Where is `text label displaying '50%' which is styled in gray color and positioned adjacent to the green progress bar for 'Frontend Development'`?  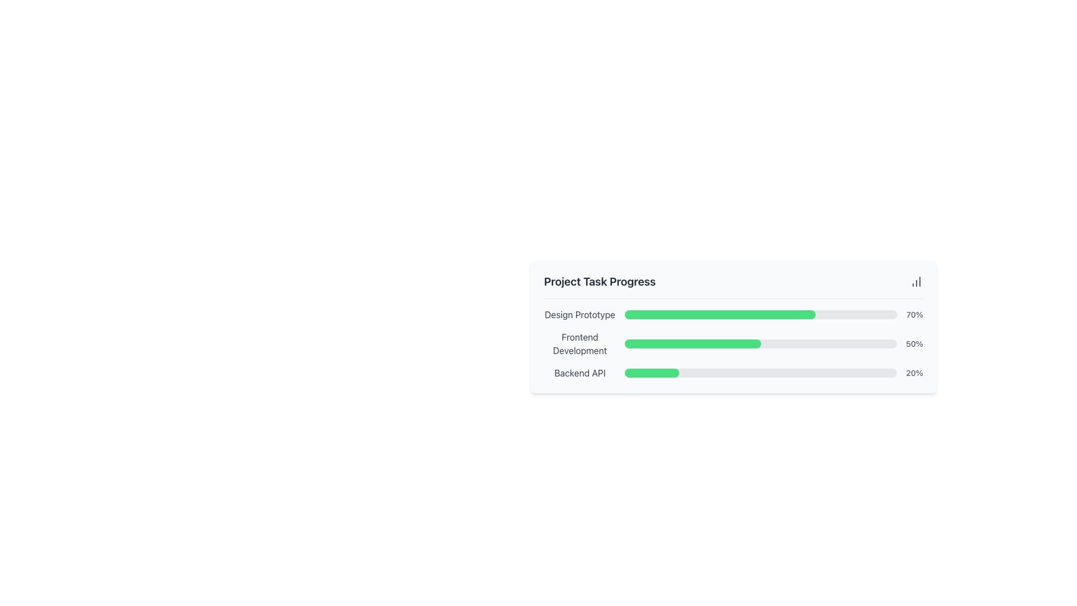
text label displaying '50%' which is styled in gray color and positioned adjacent to the green progress bar for 'Frontend Development' is located at coordinates (914, 343).